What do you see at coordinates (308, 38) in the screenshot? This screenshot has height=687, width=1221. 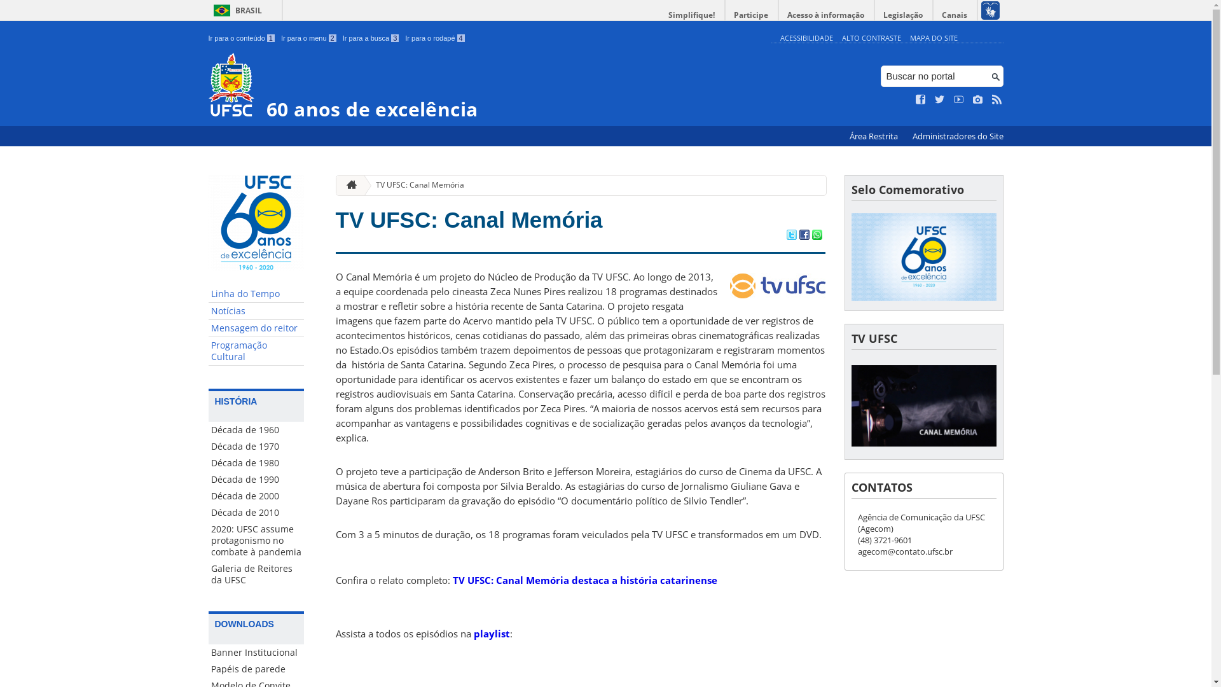 I see `'Ir para o menu 2'` at bounding box center [308, 38].